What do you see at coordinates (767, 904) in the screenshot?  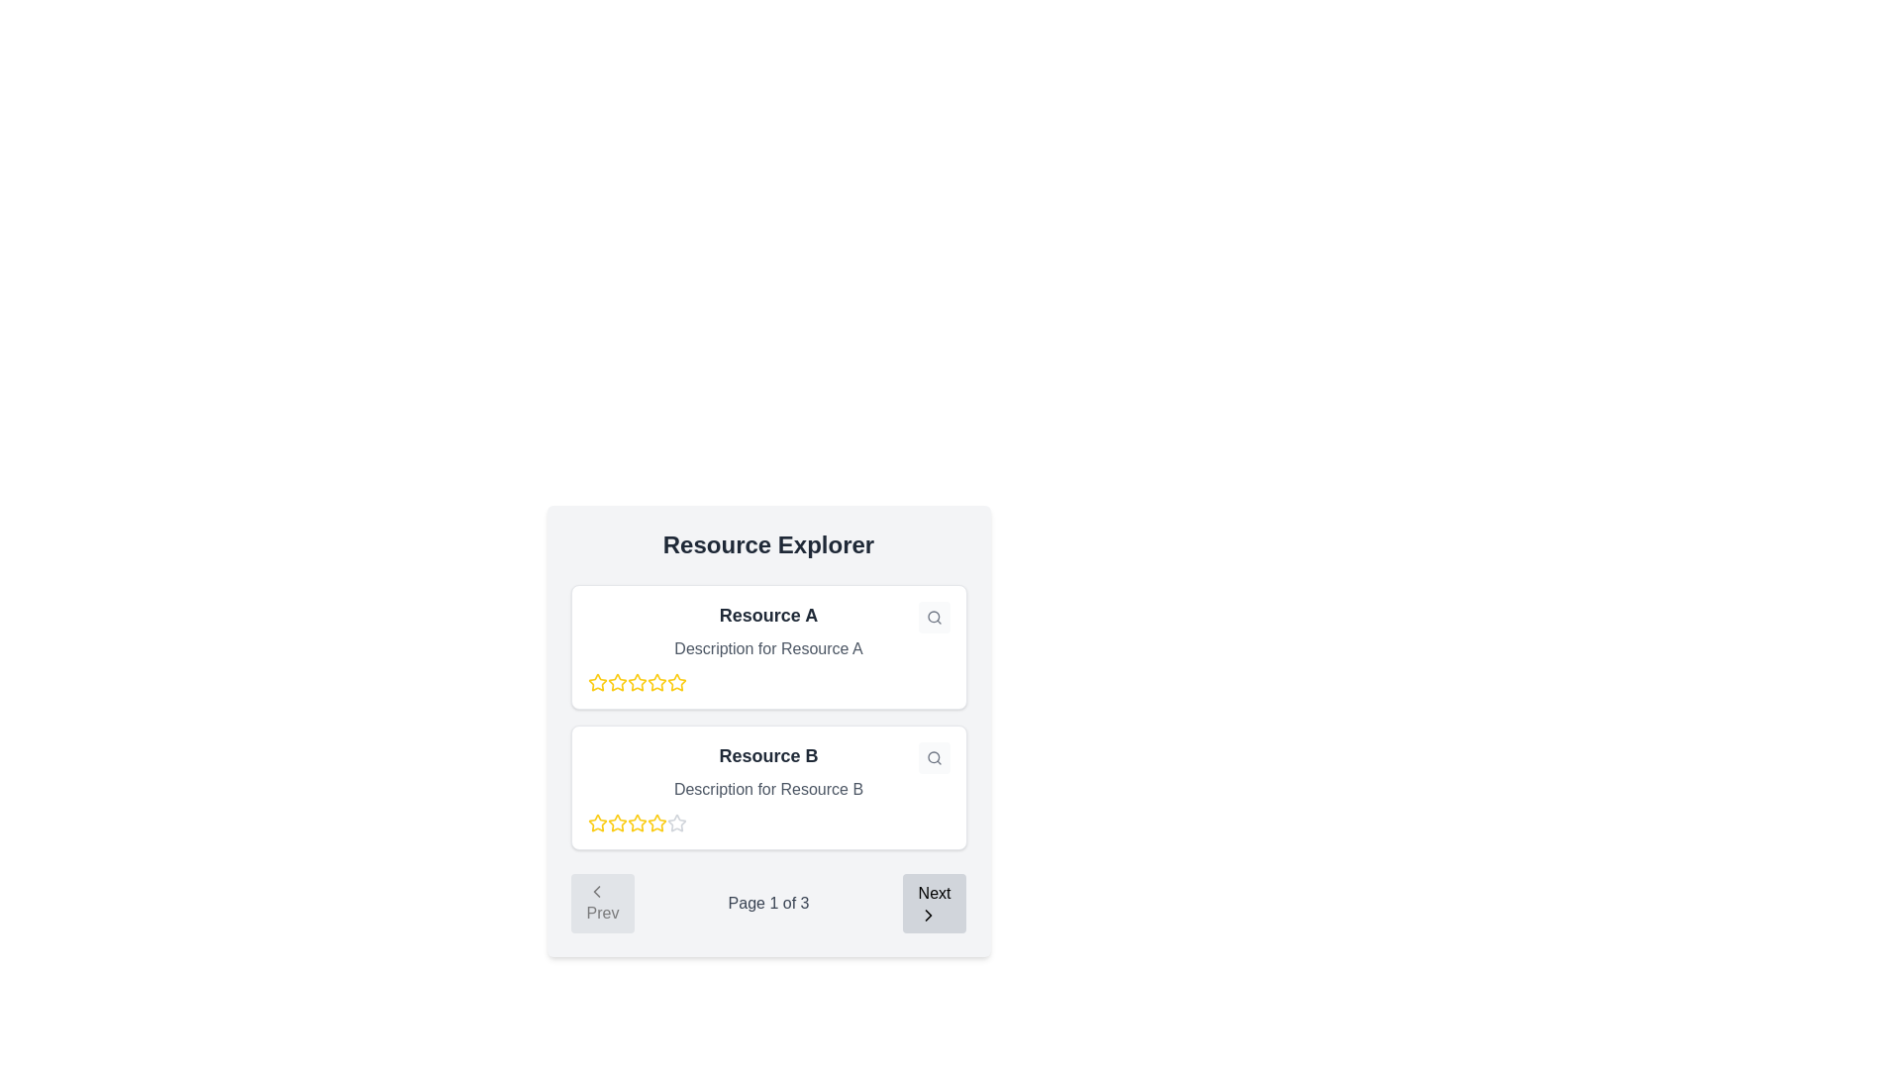 I see `the static text indicating the current pagination, which shows 'Page 1 of 3', located centrally between the 'Prev' and 'Next' buttons in the pagination bar` at bounding box center [767, 904].